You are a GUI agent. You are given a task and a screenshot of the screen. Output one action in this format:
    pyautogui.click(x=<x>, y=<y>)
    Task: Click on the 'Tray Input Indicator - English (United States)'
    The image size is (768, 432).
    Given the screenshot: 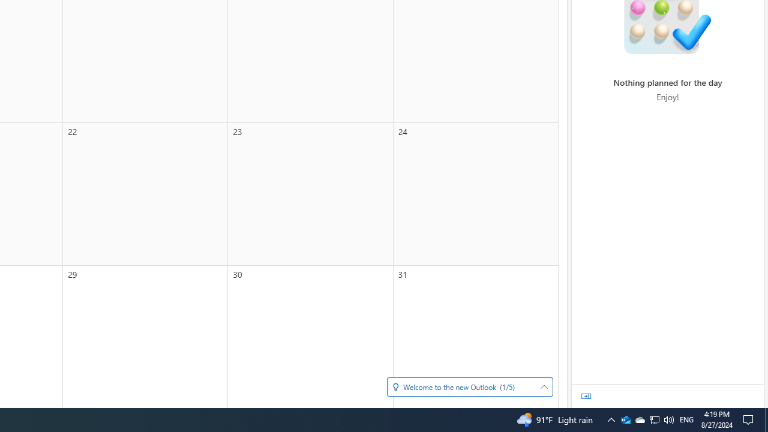 What is the action you would take?
    pyautogui.click(x=668, y=419)
    